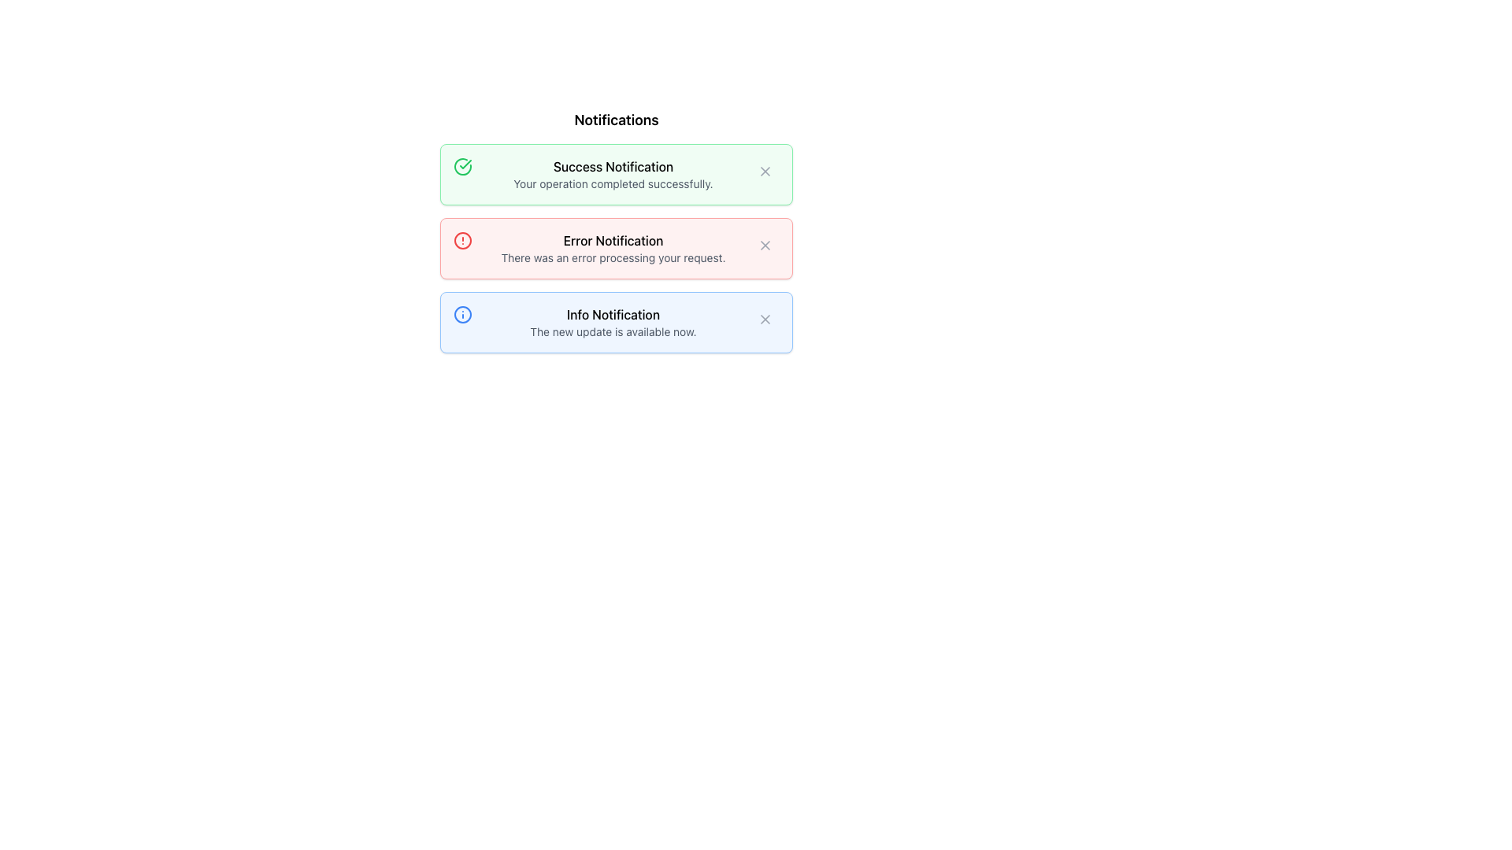  I want to click on the circular icon with a blue outline that features a central dot and a short vertical line beneath it, located on the far left of the 'Info Notification' box in the third row of the notification list, so click(462, 315).